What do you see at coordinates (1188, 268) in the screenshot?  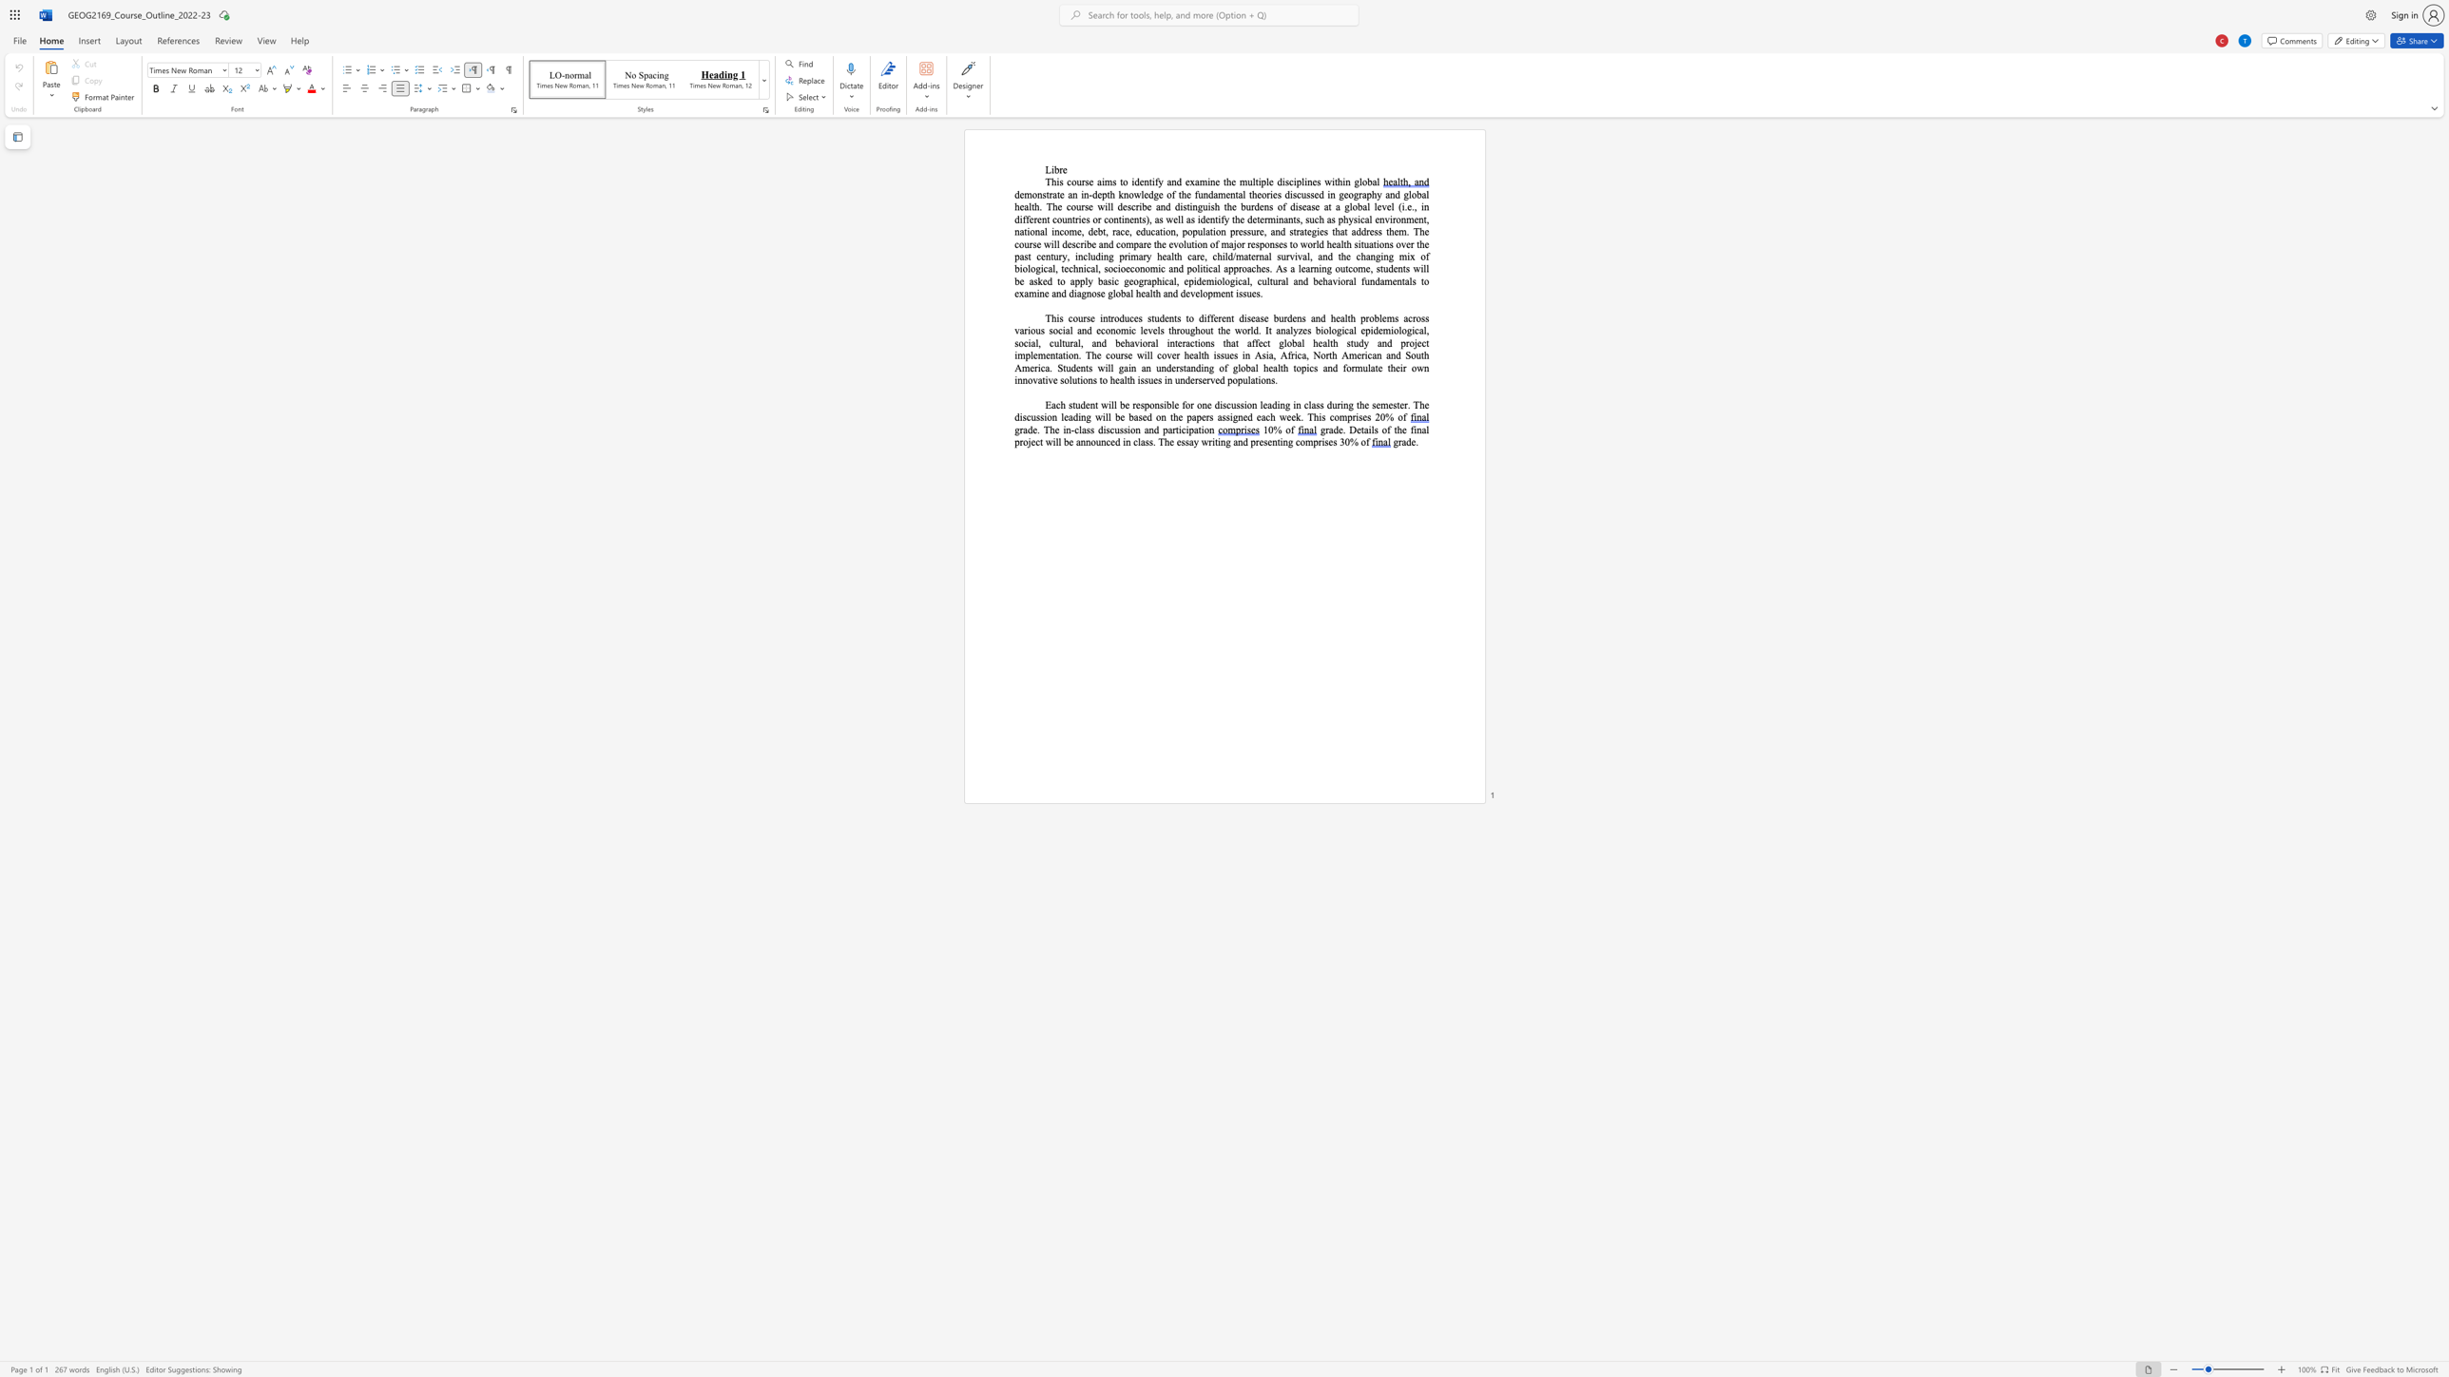 I see `the 1th character "p" in the text` at bounding box center [1188, 268].